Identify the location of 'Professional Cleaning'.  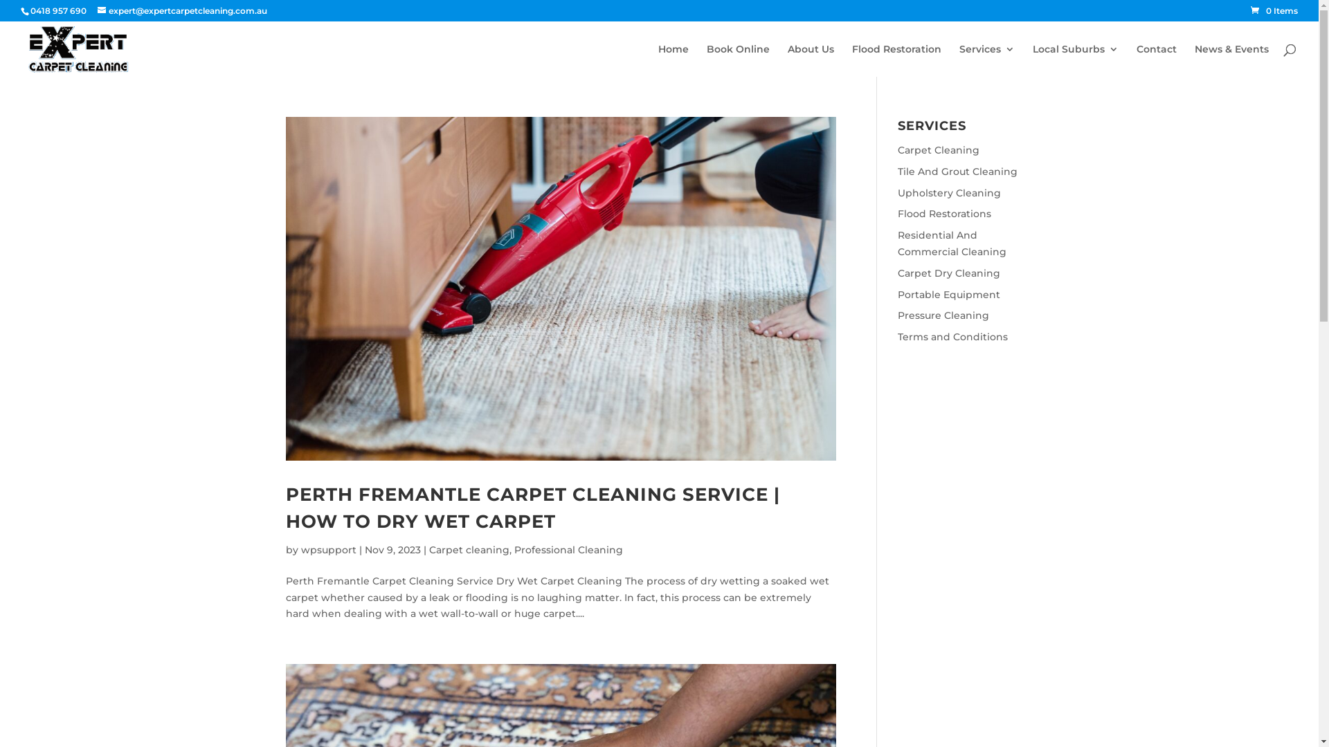
(568, 548).